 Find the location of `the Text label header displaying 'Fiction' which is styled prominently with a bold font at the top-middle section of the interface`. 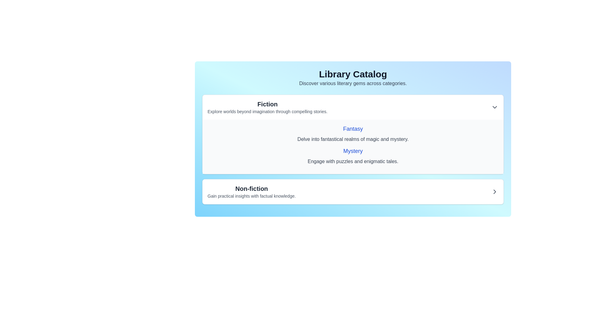

the Text label header displaying 'Fiction' which is styled prominently with a bold font at the top-middle section of the interface is located at coordinates (267, 104).